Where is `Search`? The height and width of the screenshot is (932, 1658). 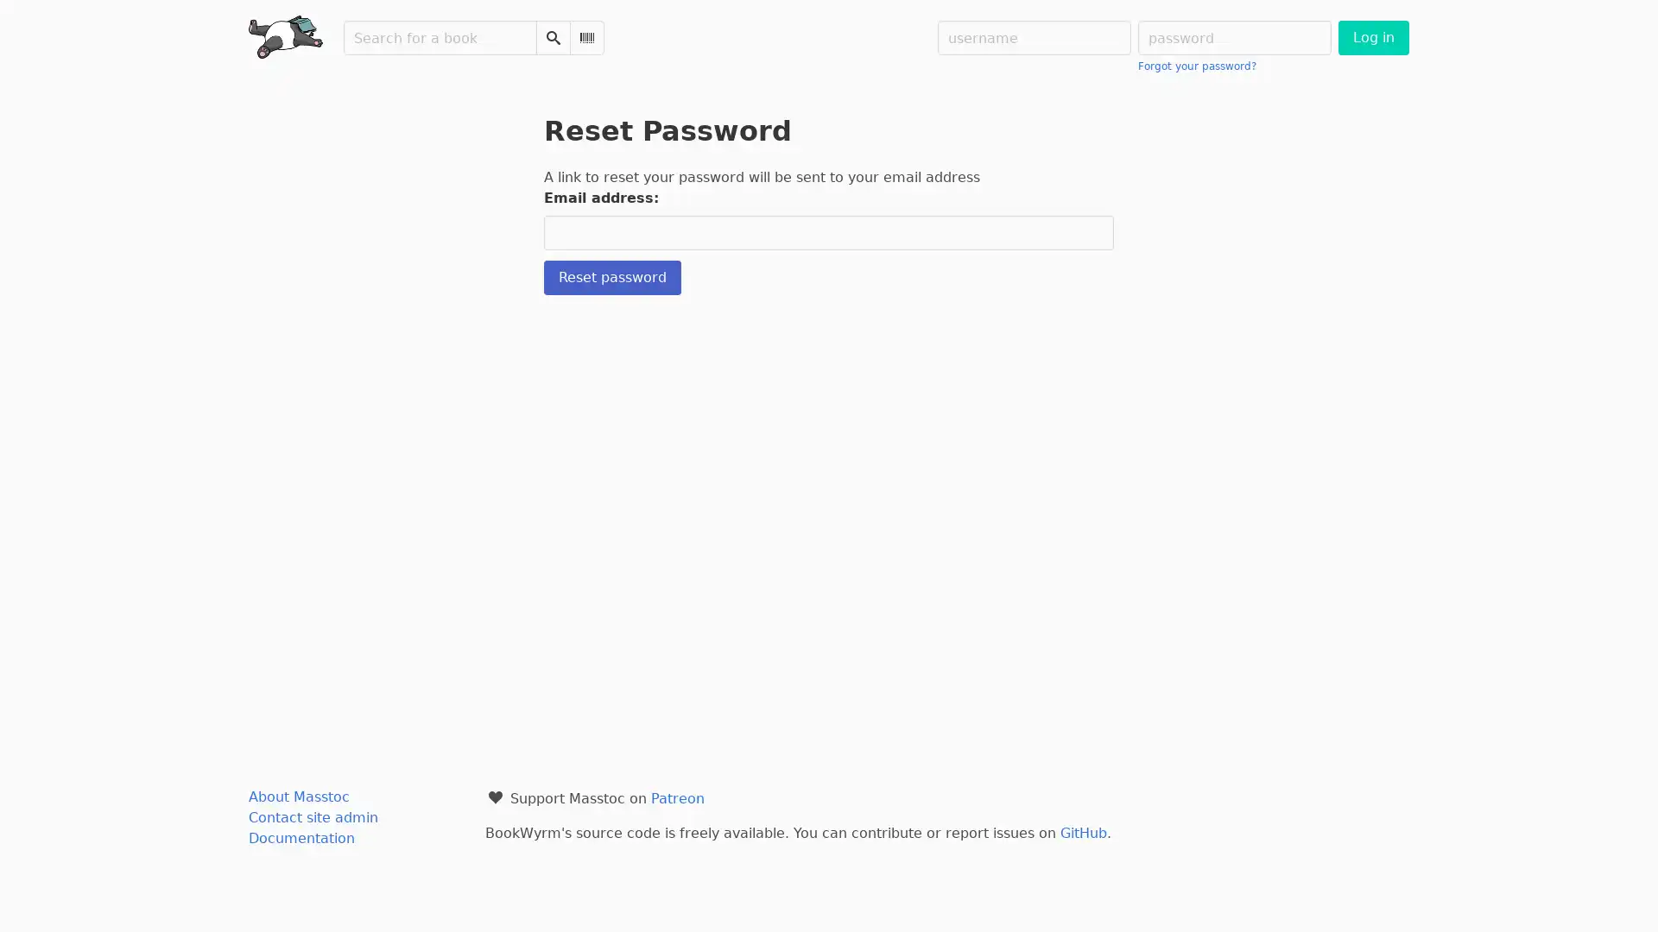
Search is located at coordinates (554, 37).